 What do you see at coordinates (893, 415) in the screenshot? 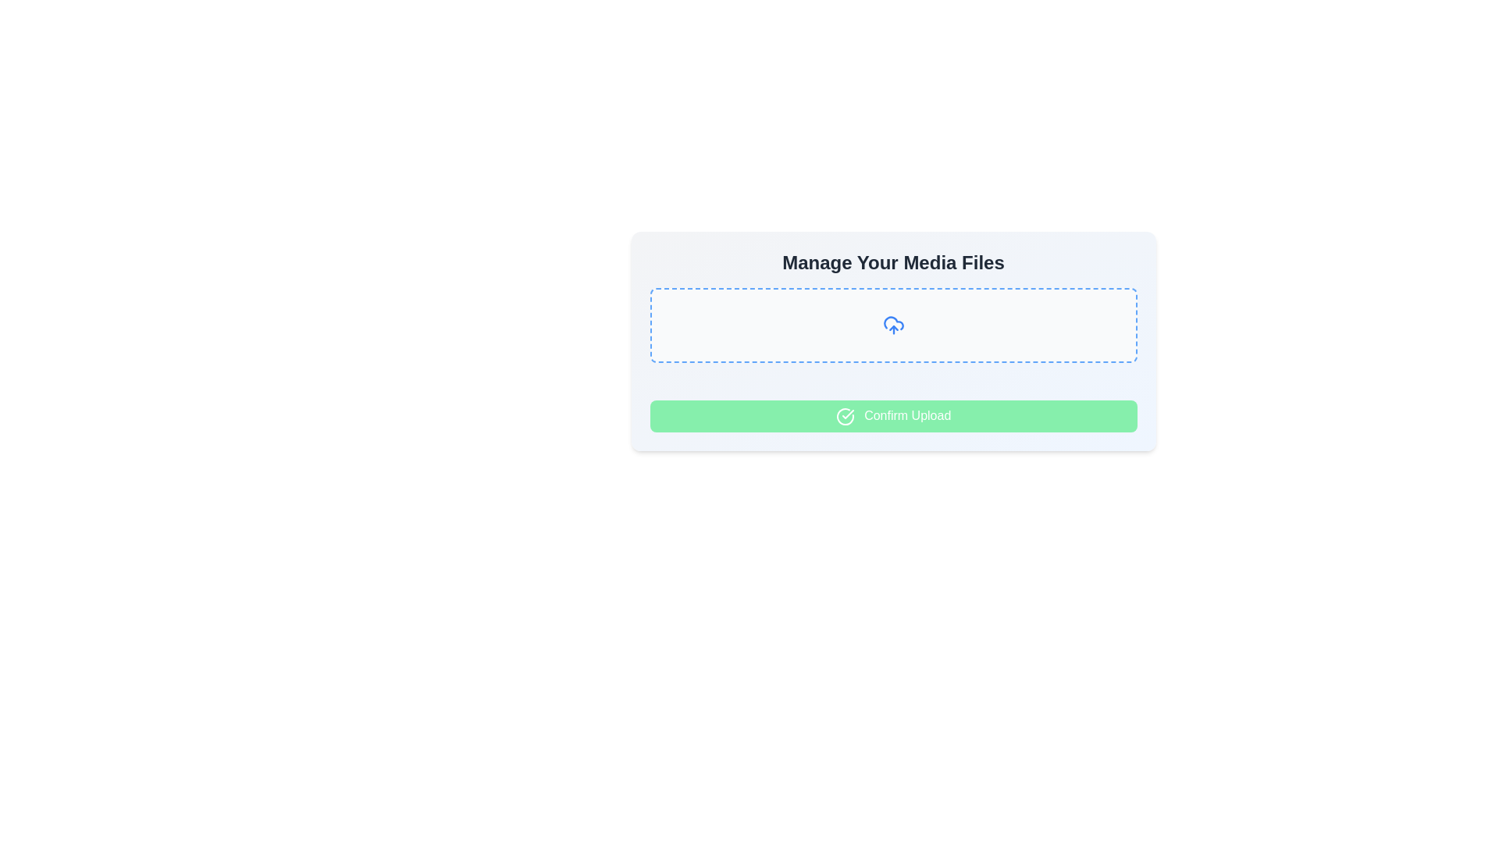
I see `the 'Confirm Upload' button, which has a light green background, rounded corners, and white text with a checkmark icon, located at the bottom of the 'Manage Your Media Files' section` at bounding box center [893, 415].